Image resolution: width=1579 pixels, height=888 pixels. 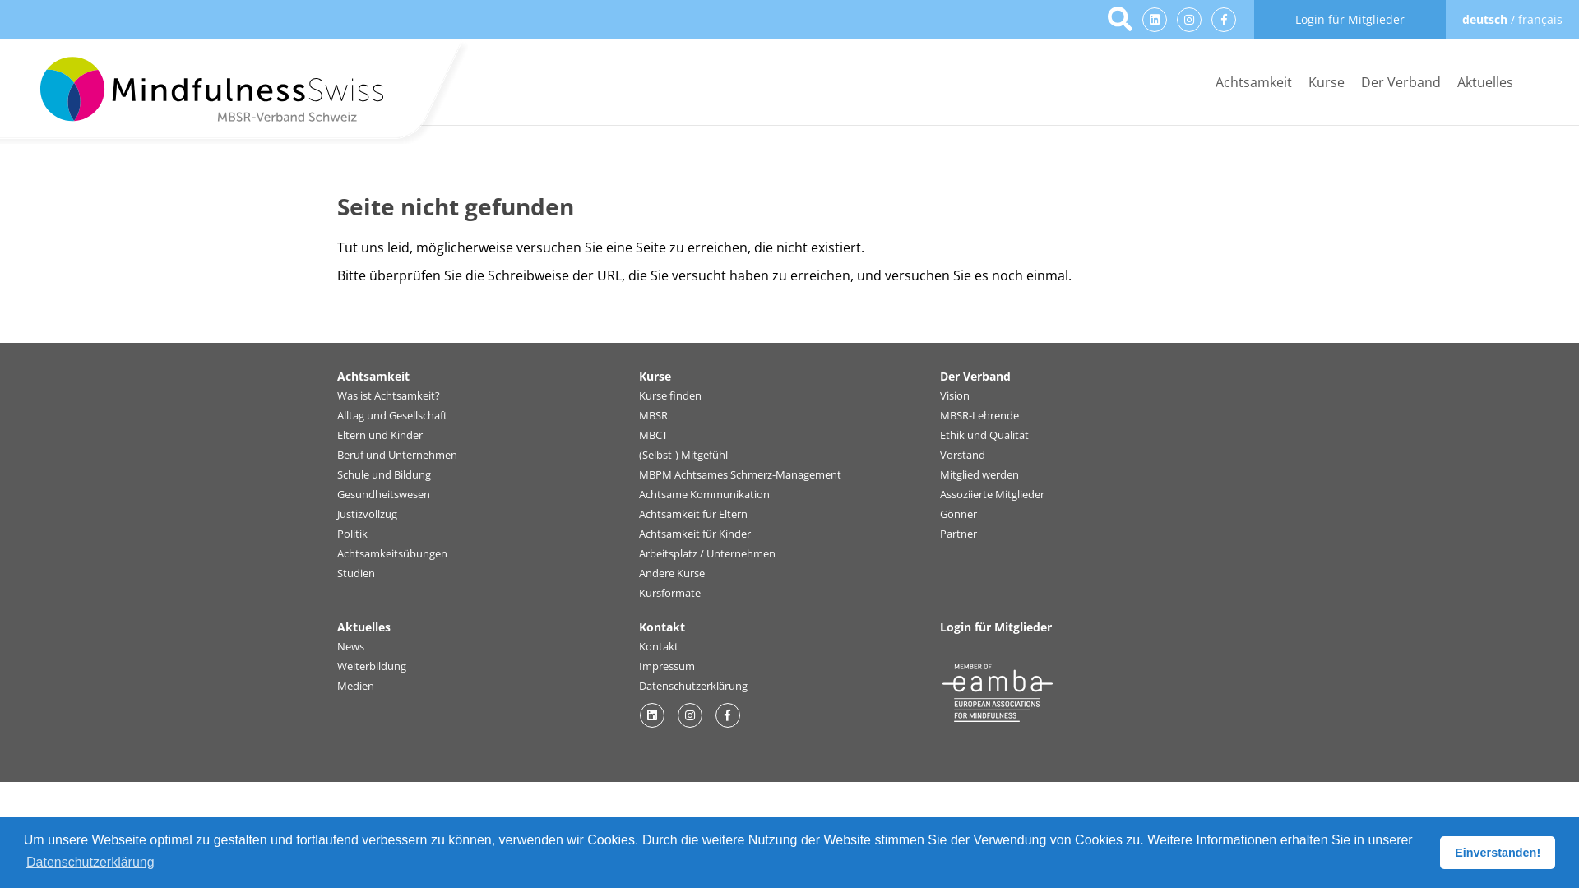 What do you see at coordinates (962, 456) in the screenshot?
I see `'Vorstand'` at bounding box center [962, 456].